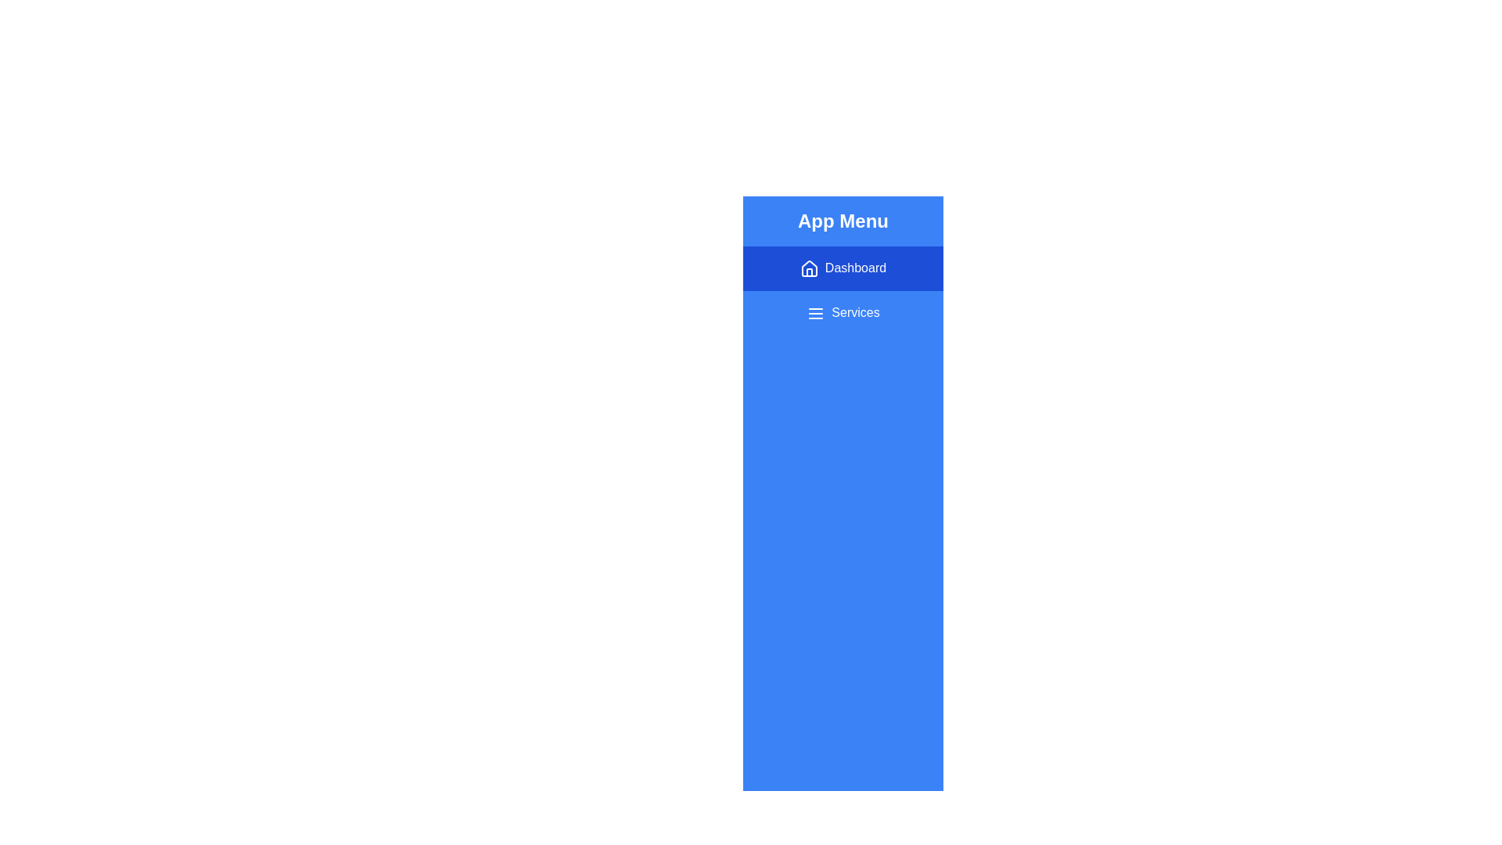 The height and width of the screenshot is (845, 1502). What do you see at coordinates (808, 268) in the screenshot?
I see `the house-shaped icon located slightly to the left of the 'Dashboard' label in the menu section` at bounding box center [808, 268].